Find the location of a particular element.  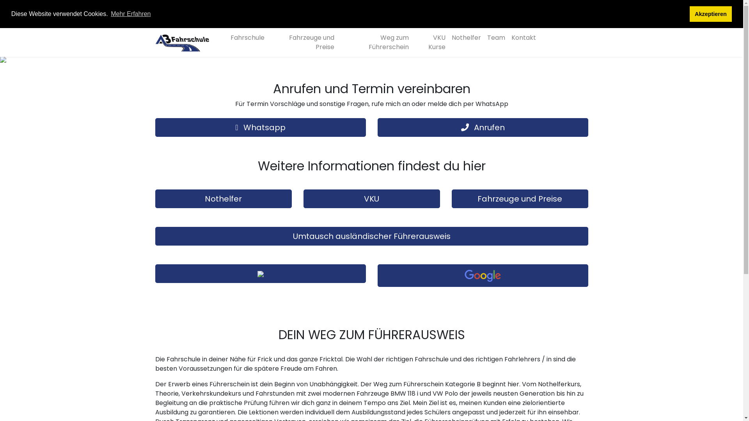

'VKU Kurse' is located at coordinates (430, 42).